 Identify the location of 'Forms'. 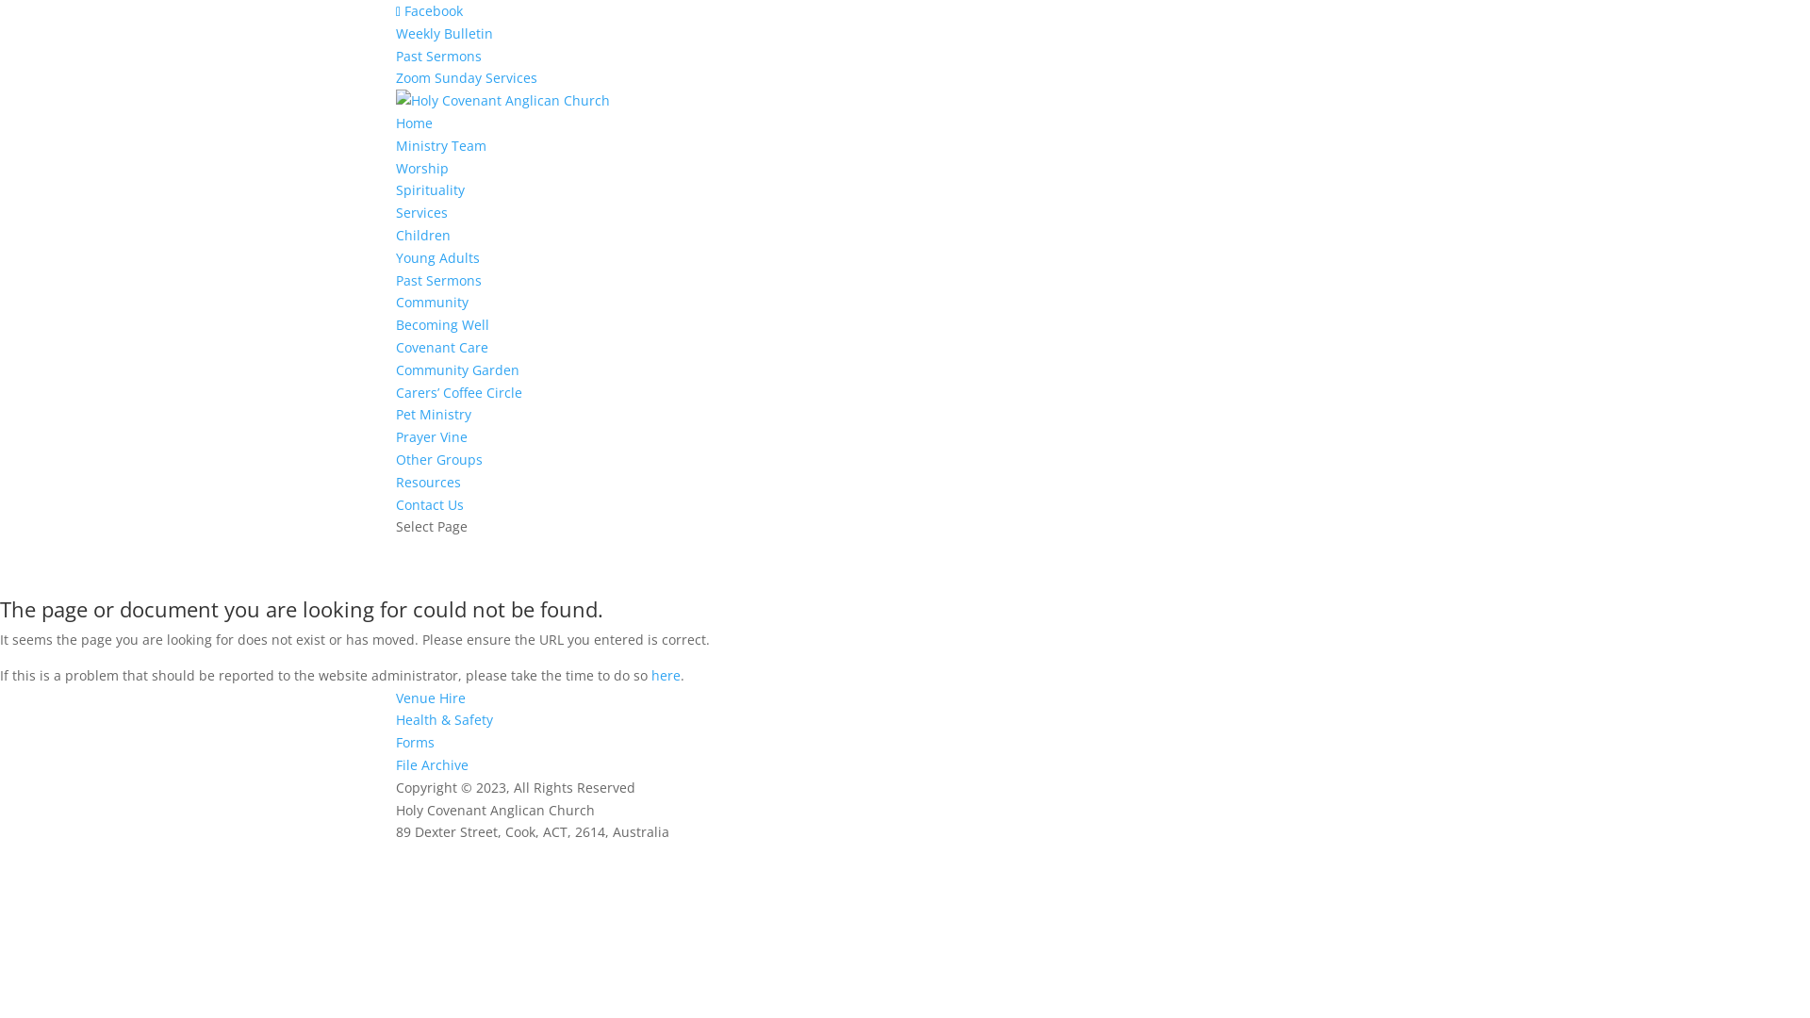
(414, 741).